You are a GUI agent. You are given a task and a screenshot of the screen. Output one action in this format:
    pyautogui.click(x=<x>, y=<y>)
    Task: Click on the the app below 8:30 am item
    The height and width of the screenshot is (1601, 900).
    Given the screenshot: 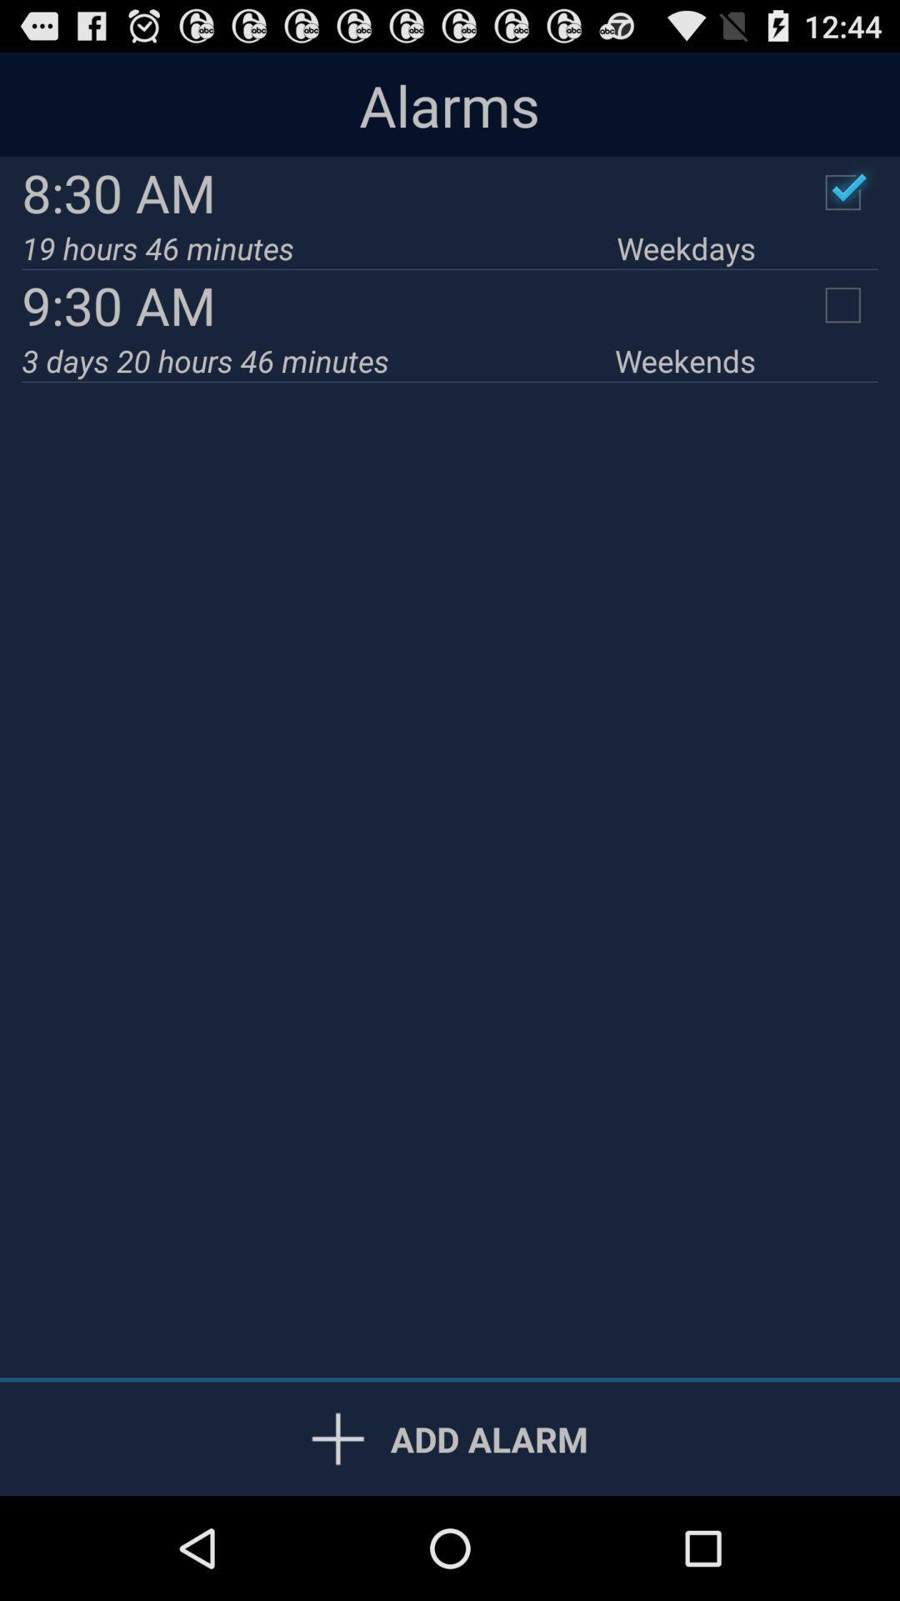 What is the action you would take?
    pyautogui.click(x=686, y=247)
    